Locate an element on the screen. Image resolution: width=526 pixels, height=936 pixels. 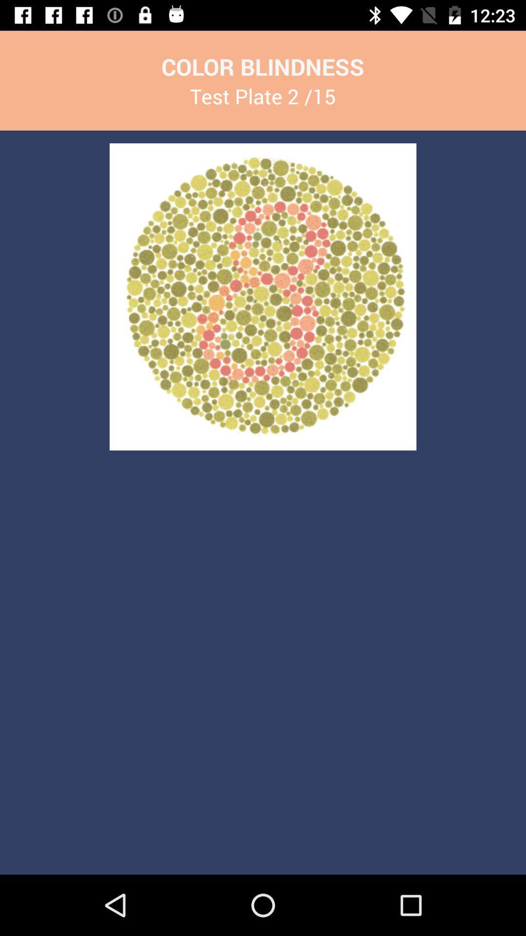
the icon below test plate 2 app is located at coordinates (263, 296).